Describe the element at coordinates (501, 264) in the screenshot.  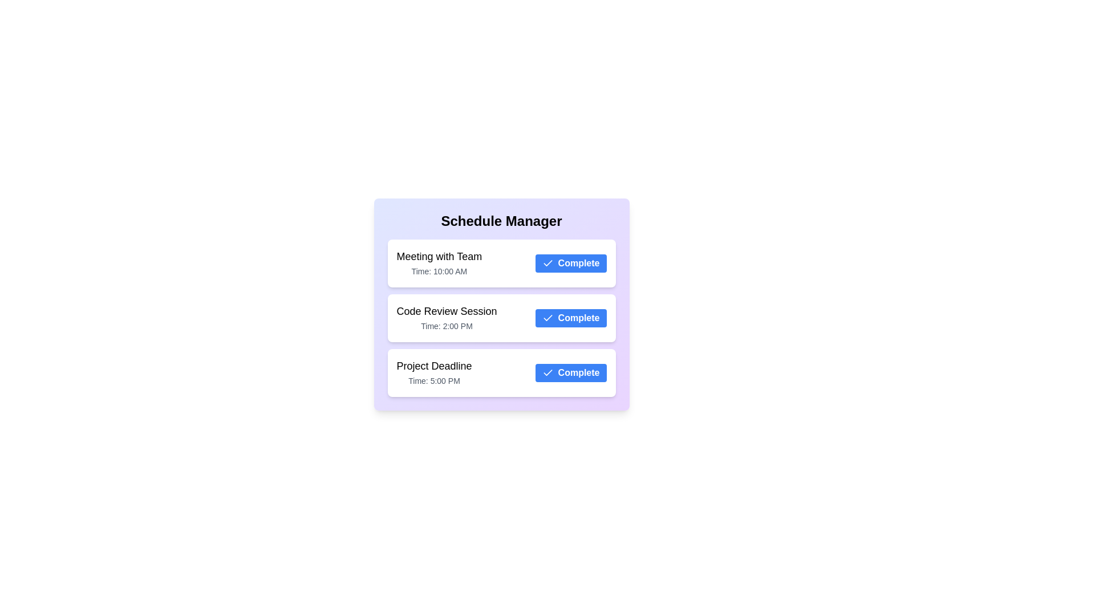
I see `the task item Meeting with Team in the ScheduleManager component` at that location.